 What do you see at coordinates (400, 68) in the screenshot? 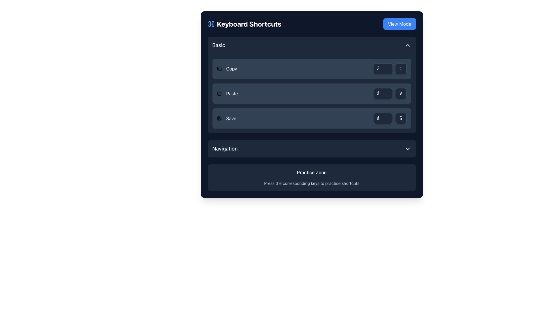
I see `the rectangular button with rounded corners, dark slate gray color, and a bold white 'C' at the center, positioned in the Keyboard Shortcuts panel` at bounding box center [400, 68].